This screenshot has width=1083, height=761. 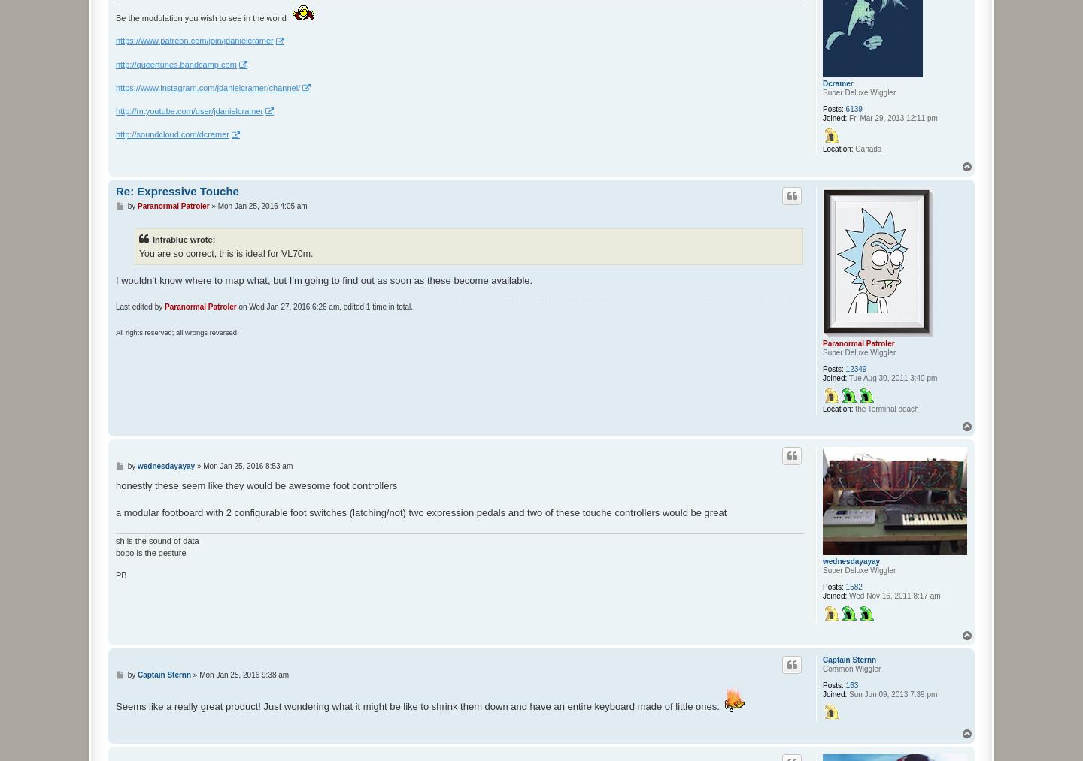 I want to click on 'Mon Jan 25, 2016 8:53 am', so click(x=202, y=464).